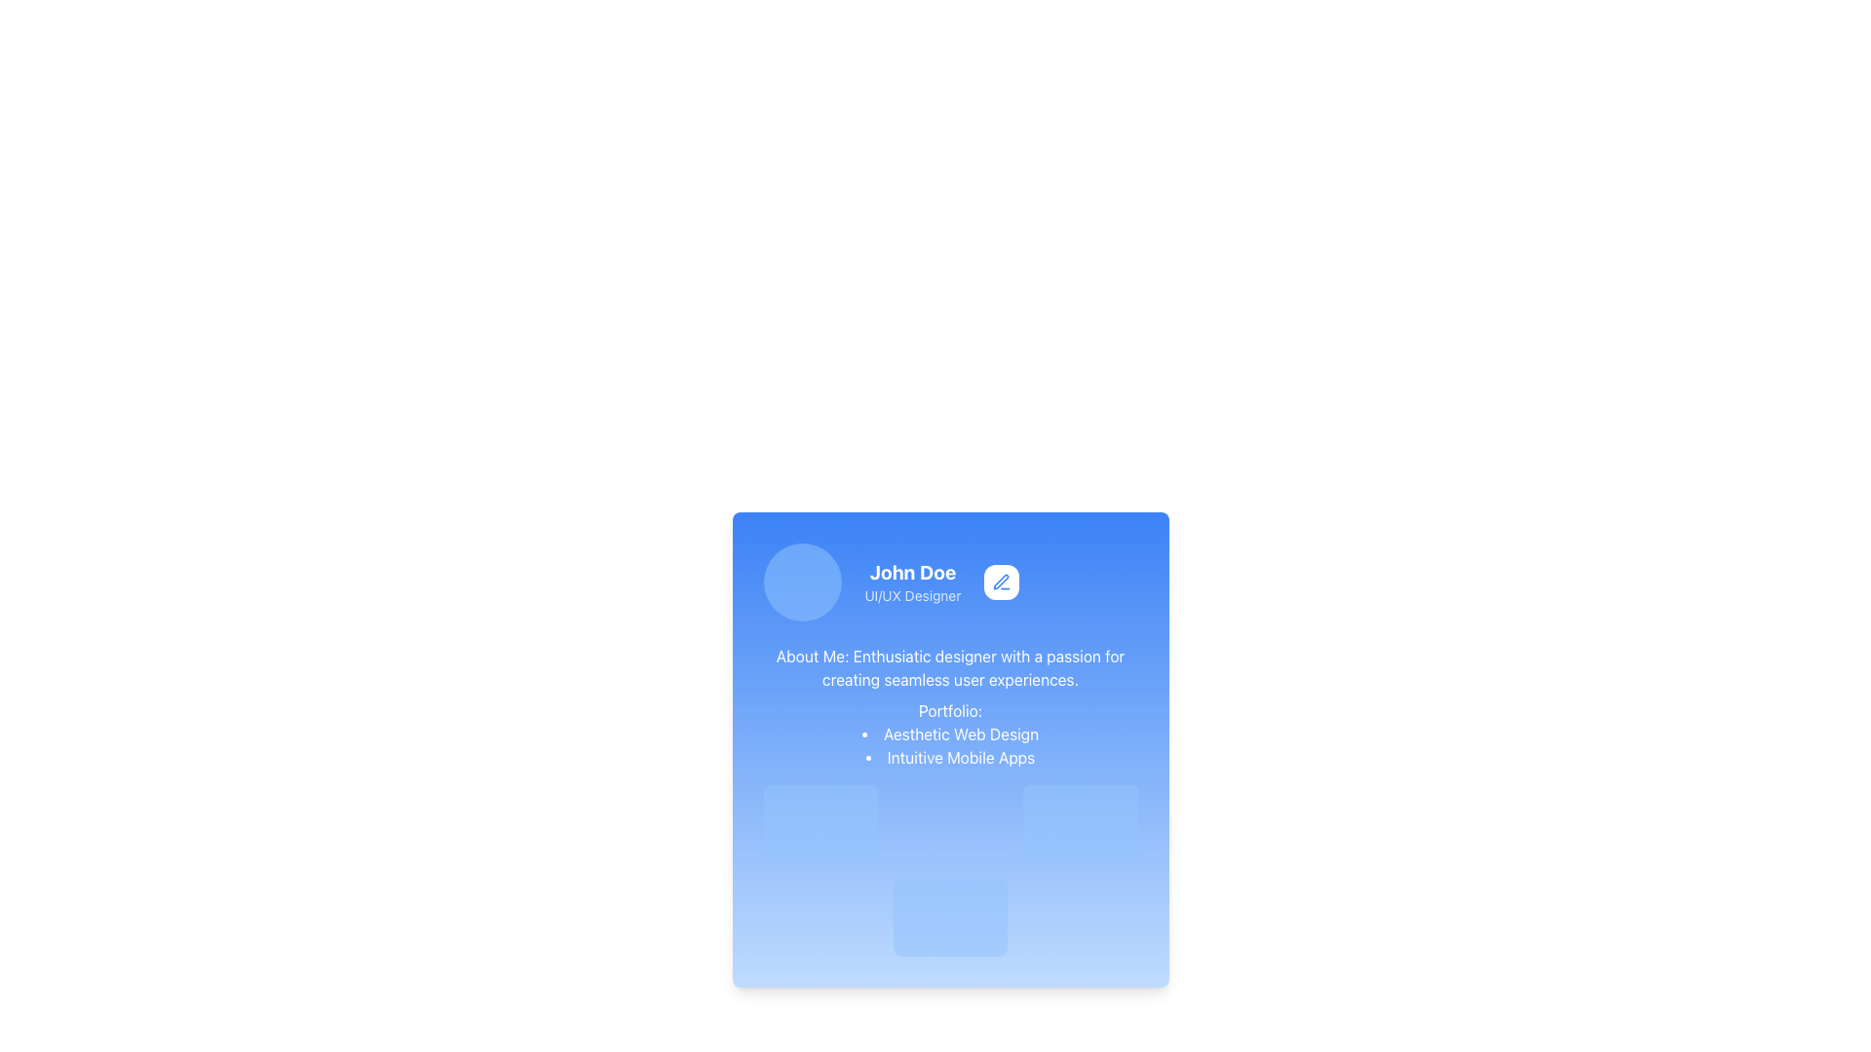 The width and height of the screenshot is (1871, 1052). Describe the element at coordinates (1002, 581) in the screenshot. I see `the edit icon located in the top-right corner of the profile card to initiate an edit action` at that location.